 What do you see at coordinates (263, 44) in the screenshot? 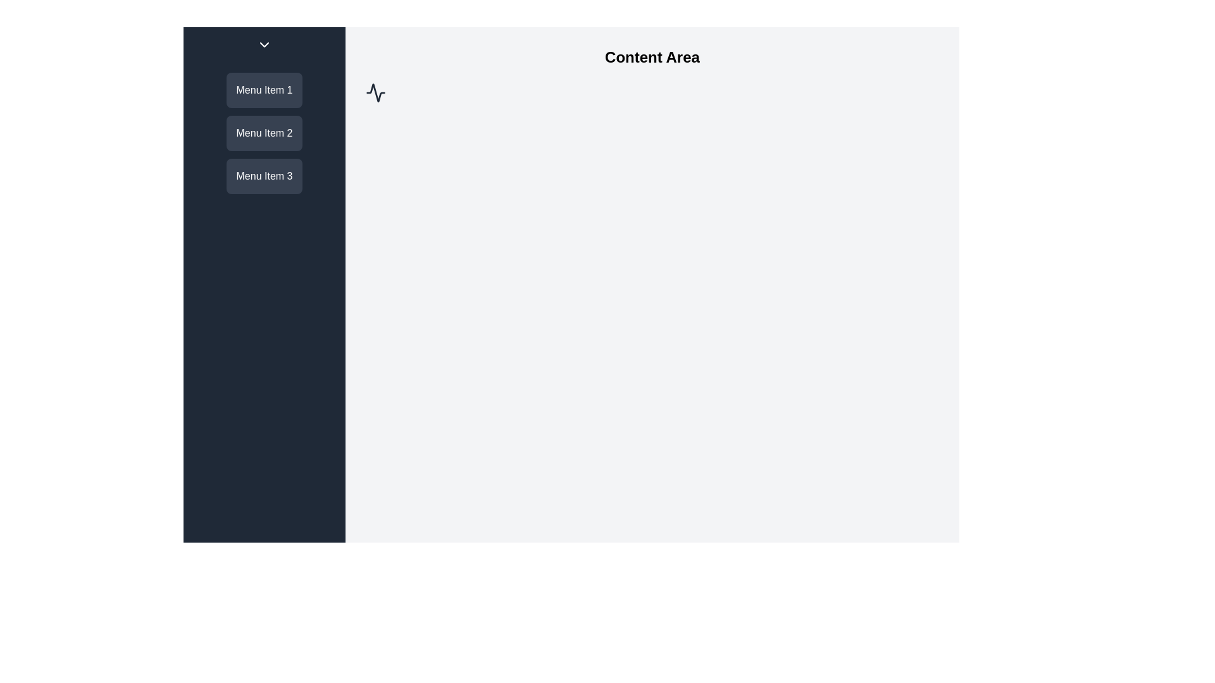
I see `the circular button with a dark background and a downward-pointing chevron icon located at the top of the sidebar menu` at bounding box center [263, 44].